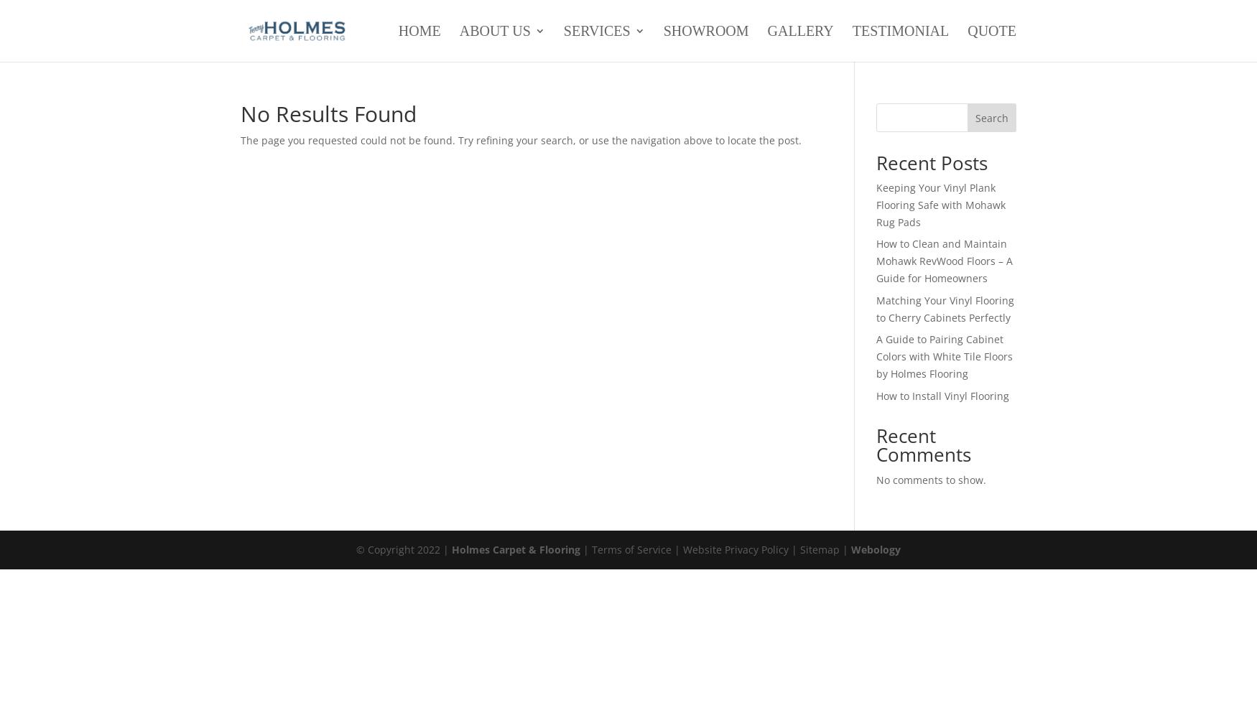 The image size is (1257, 718). What do you see at coordinates (705, 31) in the screenshot?
I see `'Showroom'` at bounding box center [705, 31].